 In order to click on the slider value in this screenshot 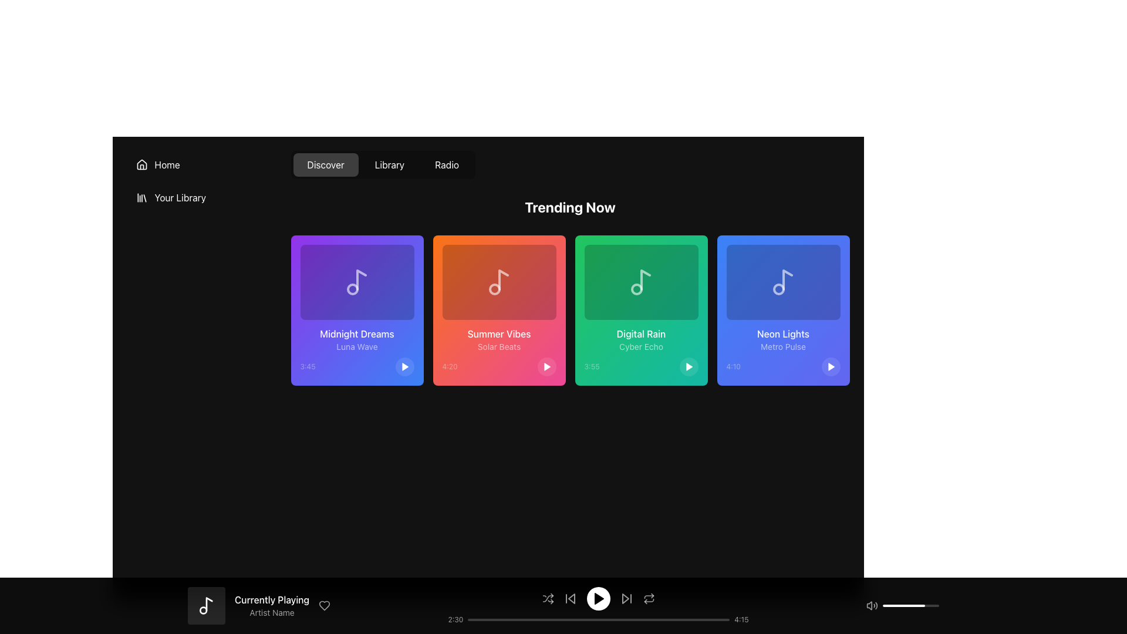, I will do `click(908, 606)`.